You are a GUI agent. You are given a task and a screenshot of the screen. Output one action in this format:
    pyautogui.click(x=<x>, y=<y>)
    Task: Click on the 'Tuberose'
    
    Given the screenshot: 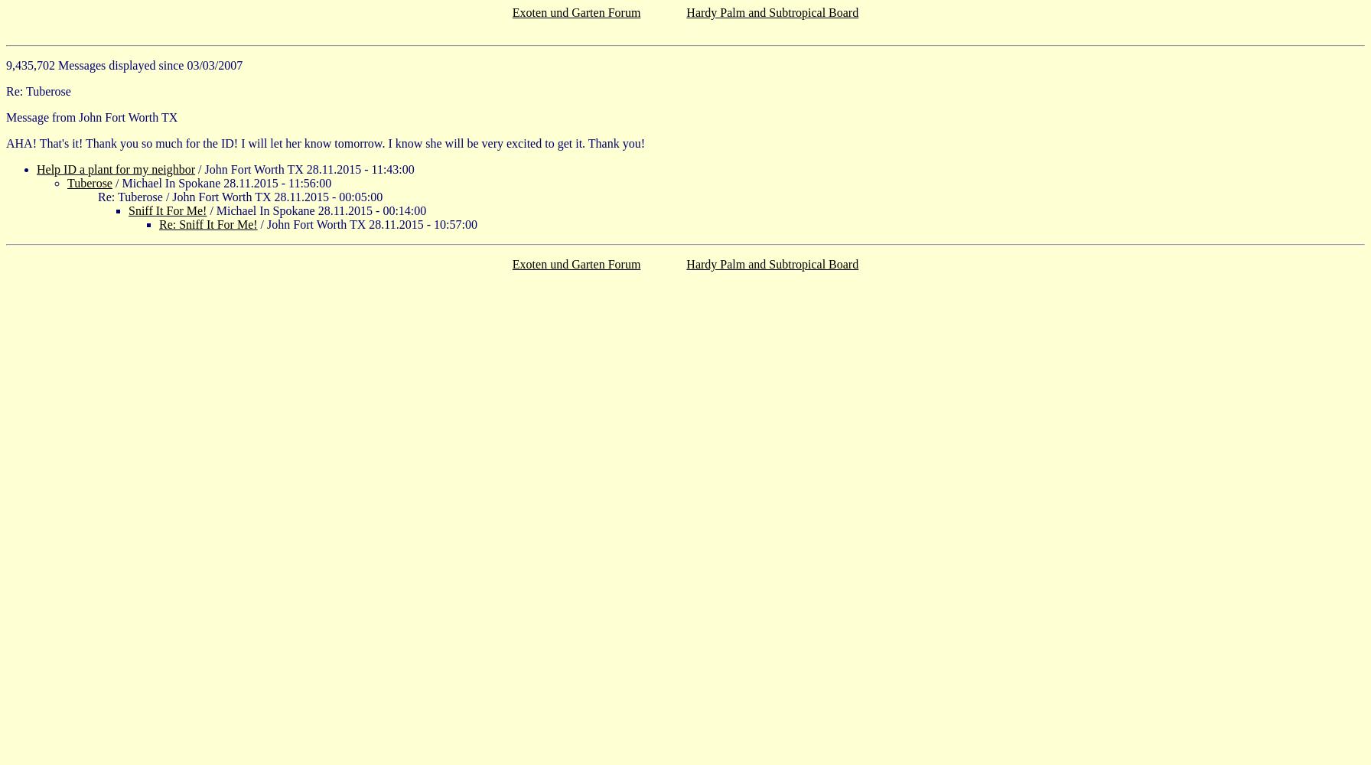 What is the action you would take?
    pyautogui.click(x=67, y=182)
    